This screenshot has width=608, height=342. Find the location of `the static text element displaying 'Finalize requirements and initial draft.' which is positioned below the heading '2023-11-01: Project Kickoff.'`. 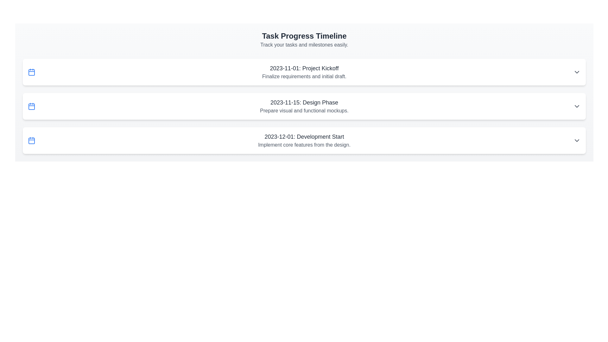

the static text element displaying 'Finalize requirements and initial draft.' which is positioned below the heading '2023-11-01: Project Kickoff.' is located at coordinates (304, 76).